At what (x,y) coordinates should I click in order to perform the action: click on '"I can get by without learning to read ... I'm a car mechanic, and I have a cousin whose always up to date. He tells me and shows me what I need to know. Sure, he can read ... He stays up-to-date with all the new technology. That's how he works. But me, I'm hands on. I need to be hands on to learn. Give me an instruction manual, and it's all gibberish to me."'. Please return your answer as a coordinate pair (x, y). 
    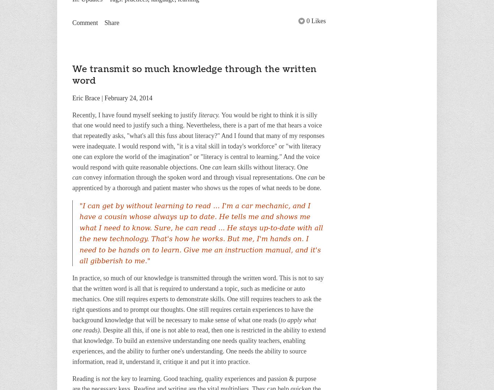
    Looking at the image, I should click on (201, 233).